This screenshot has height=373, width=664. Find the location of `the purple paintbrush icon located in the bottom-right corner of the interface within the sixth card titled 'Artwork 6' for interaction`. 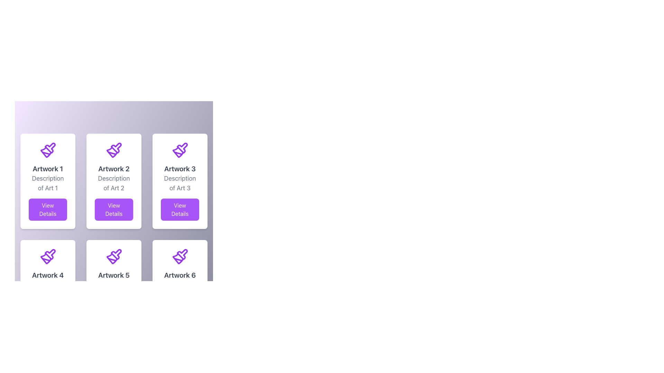

the purple paintbrush icon located in the bottom-right corner of the interface within the sixth card titled 'Artwork 6' for interaction is located at coordinates (177, 258).